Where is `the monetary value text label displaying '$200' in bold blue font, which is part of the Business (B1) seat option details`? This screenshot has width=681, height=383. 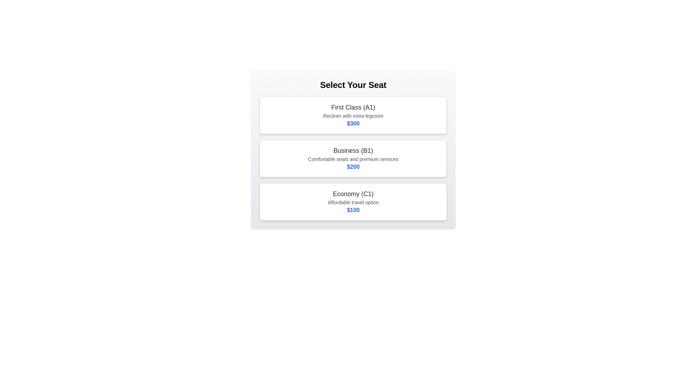 the monetary value text label displaying '$200' in bold blue font, which is part of the Business (B1) seat option details is located at coordinates (353, 167).